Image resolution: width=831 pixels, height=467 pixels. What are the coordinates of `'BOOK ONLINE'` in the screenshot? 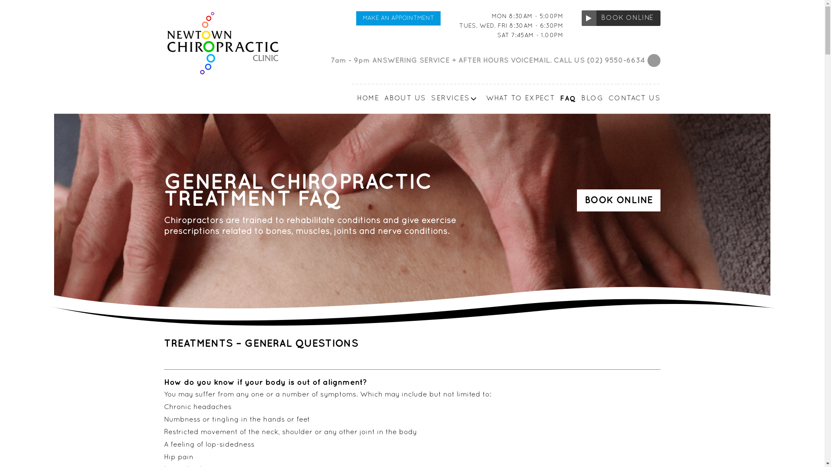 It's located at (582, 18).